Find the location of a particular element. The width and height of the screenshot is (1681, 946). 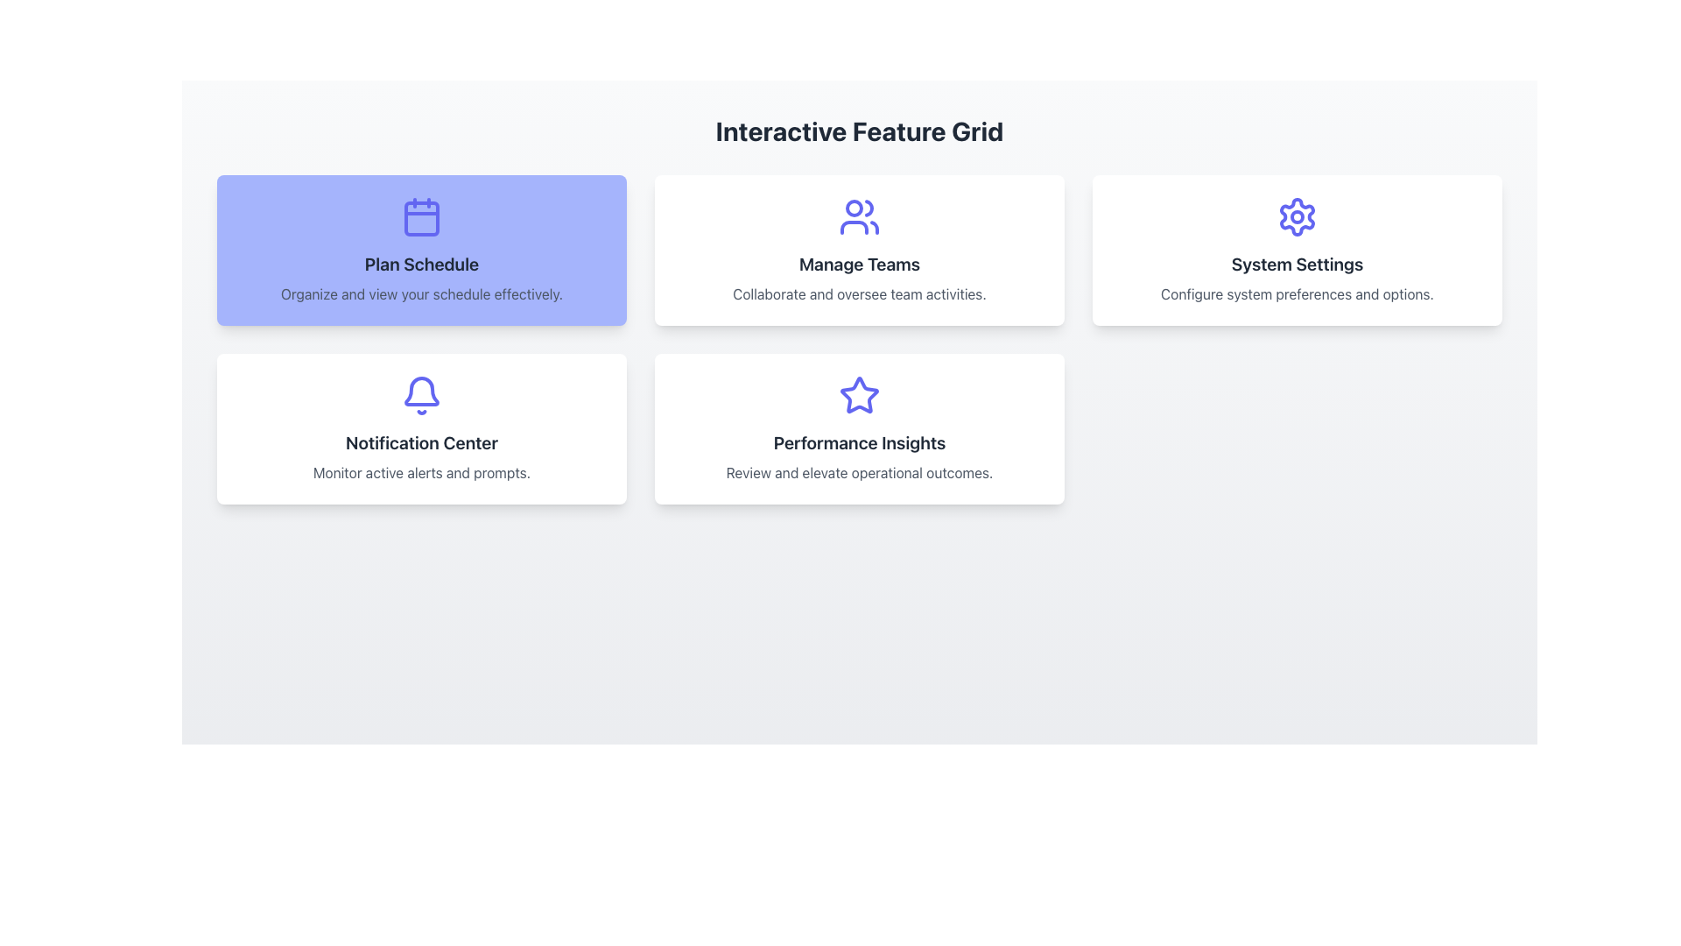

the purple star icon located within the 'Performance Insights' card in the bottom row of the feature grid is located at coordinates (860, 395).